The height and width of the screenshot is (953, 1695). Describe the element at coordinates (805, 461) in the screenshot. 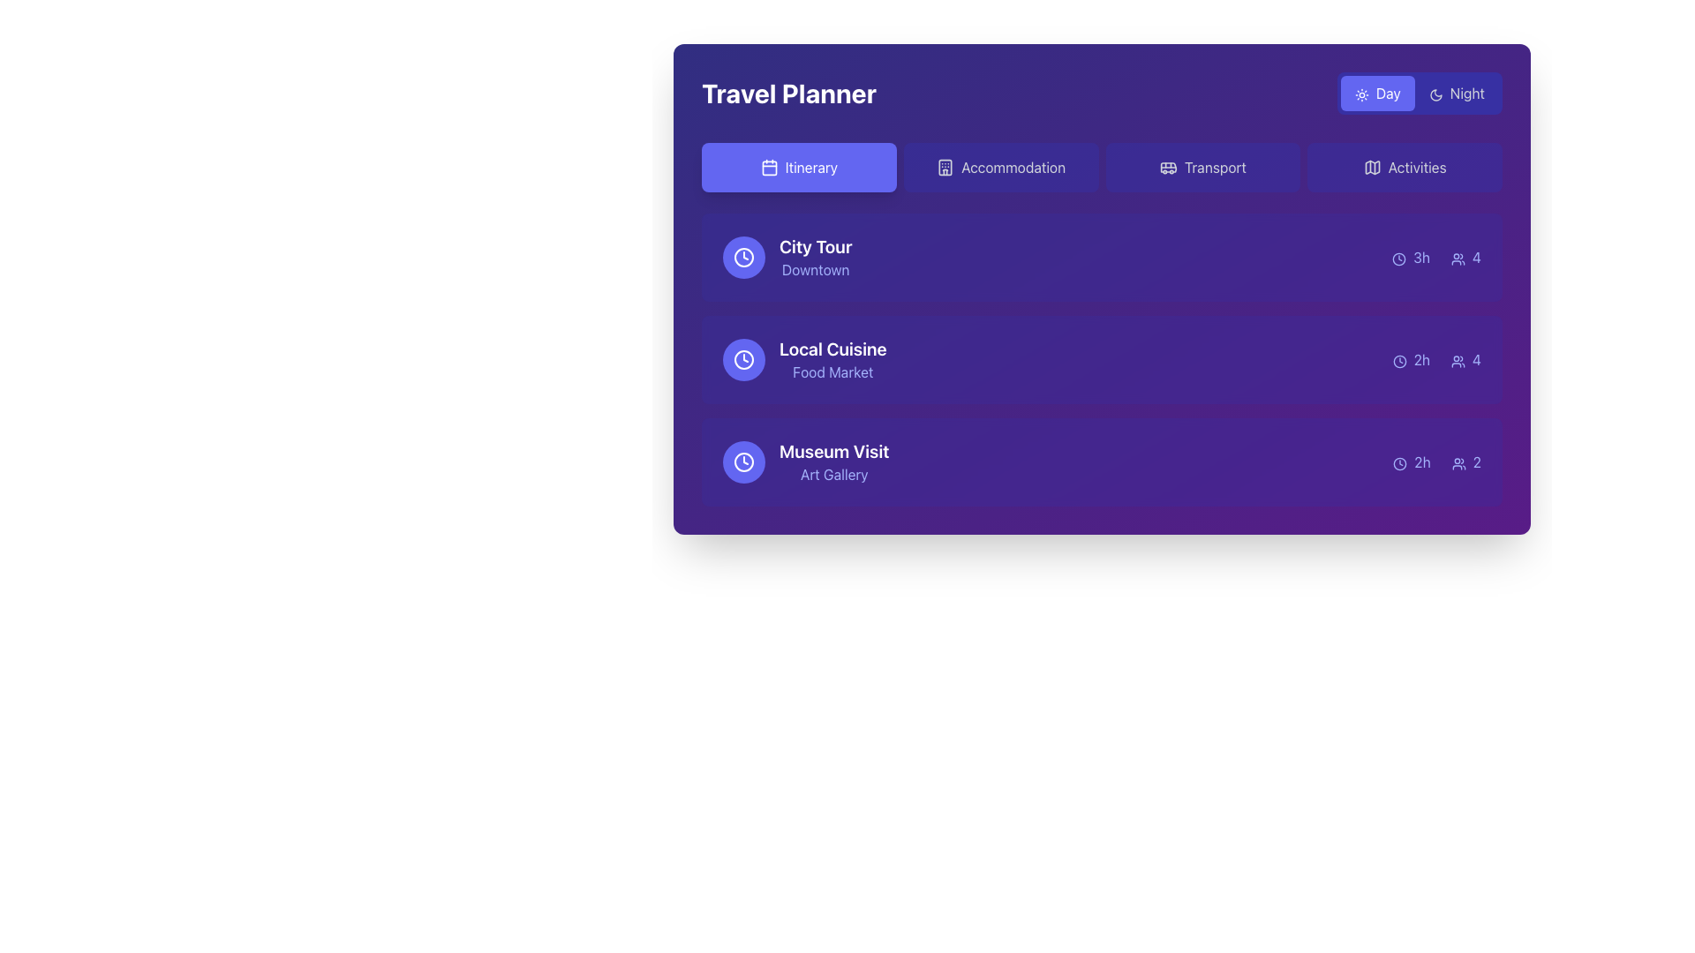

I see `the list item with a circular indigo clock icon and the text 'Museum Visit'` at that location.